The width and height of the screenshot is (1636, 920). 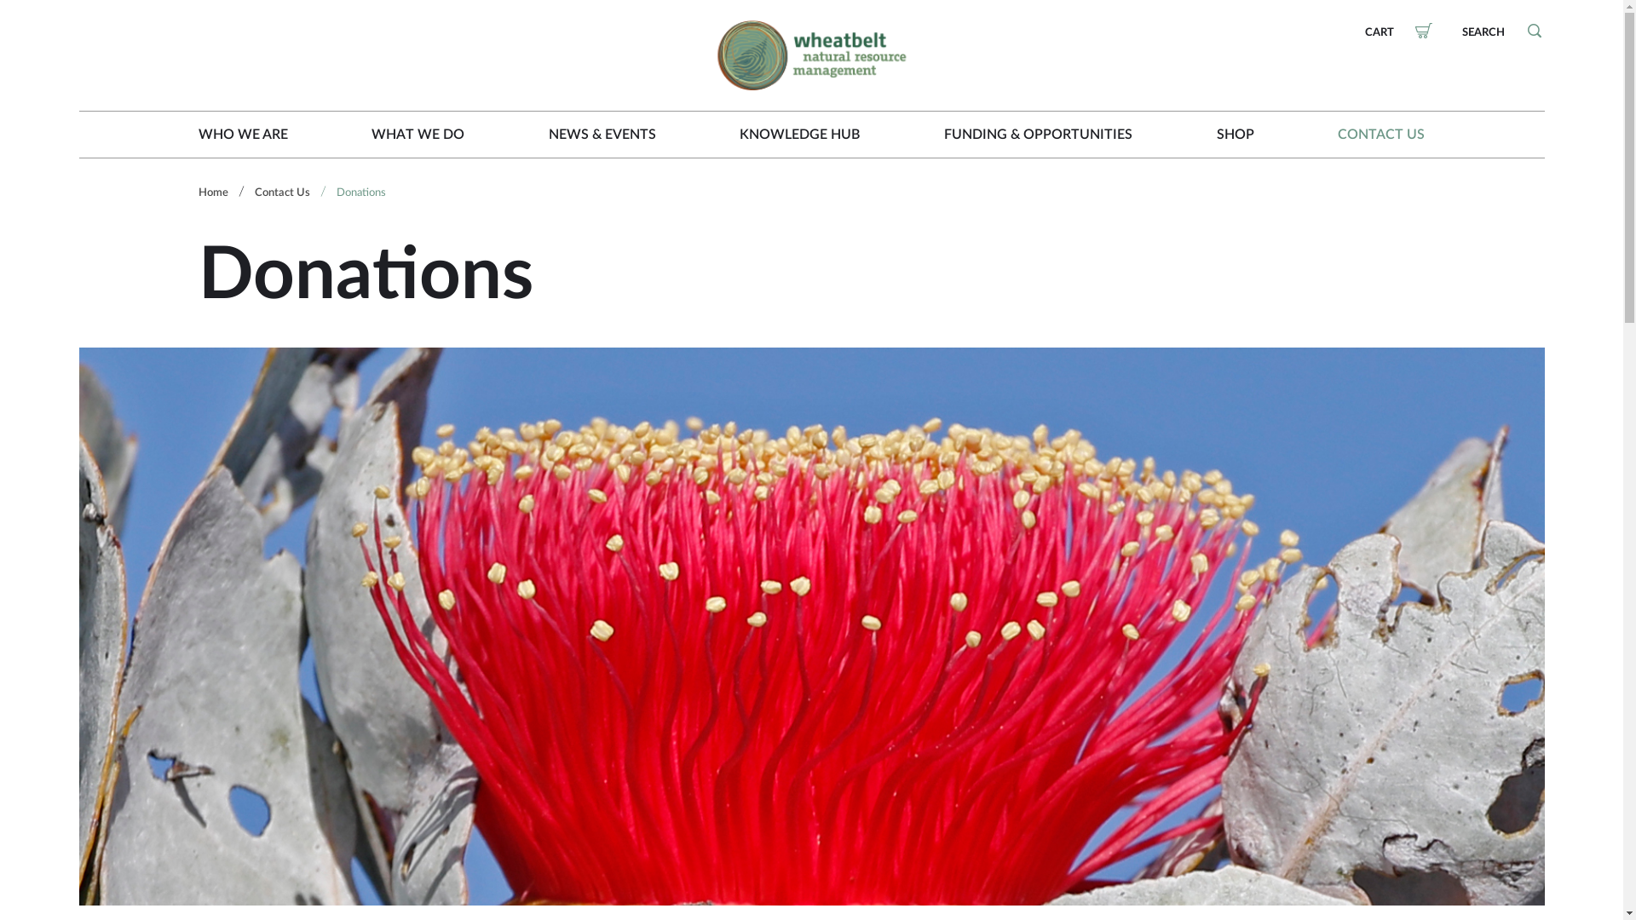 I want to click on 'SHOP', so click(x=1216, y=134).